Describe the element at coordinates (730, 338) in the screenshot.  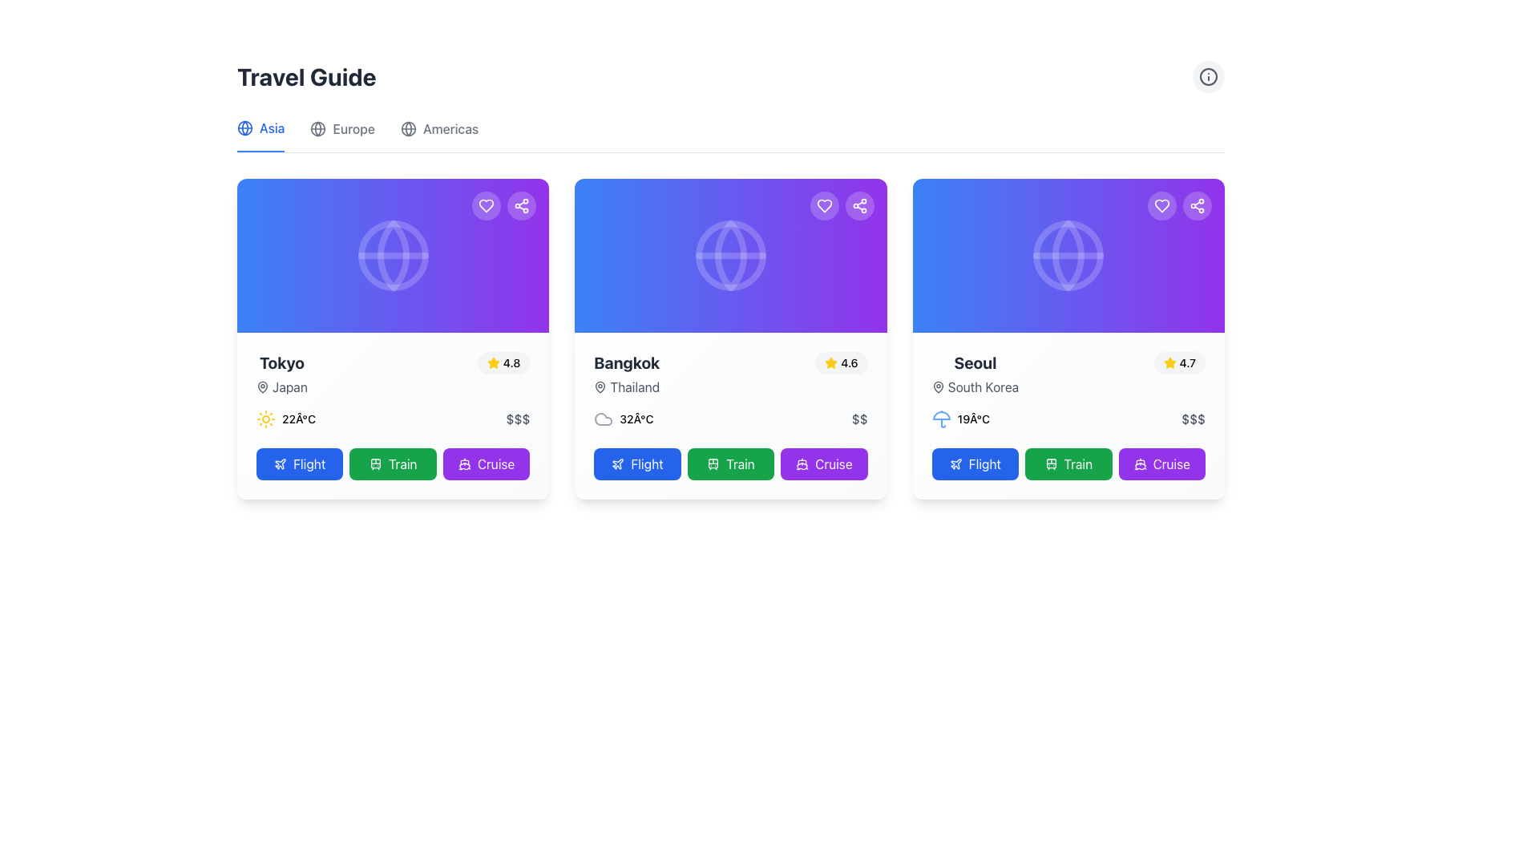
I see `the Train button on the Bangkok travel card, which is located between the Tokyo and Seoul cards in the Travel Guide section` at that location.